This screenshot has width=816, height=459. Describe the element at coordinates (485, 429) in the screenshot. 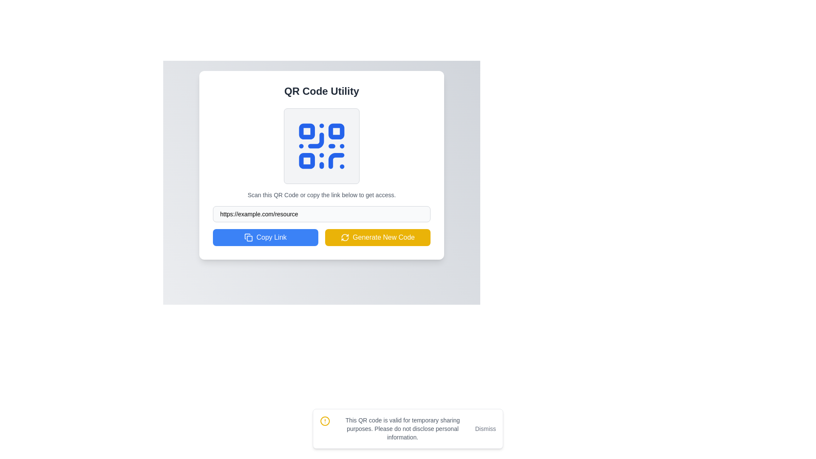

I see `the 'Dismiss' button located at the bottom right corner of the dialog box` at that location.